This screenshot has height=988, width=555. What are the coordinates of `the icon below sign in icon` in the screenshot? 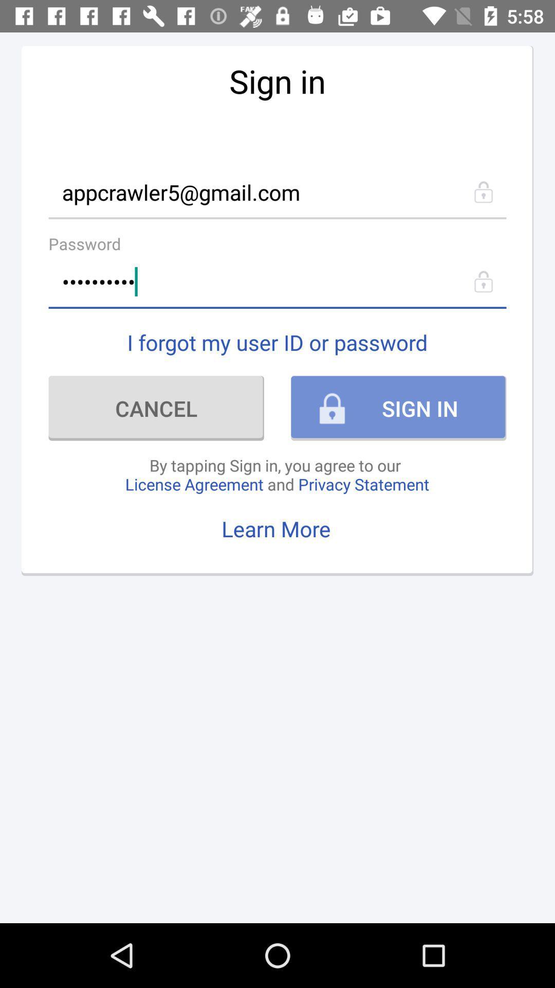 It's located at (277, 192).